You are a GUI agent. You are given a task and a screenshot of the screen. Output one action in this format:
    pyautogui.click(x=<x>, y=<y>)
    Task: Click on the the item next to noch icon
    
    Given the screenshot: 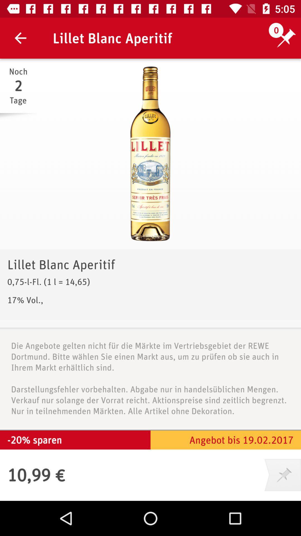 What is the action you would take?
    pyautogui.click(x=151, y=154)
    